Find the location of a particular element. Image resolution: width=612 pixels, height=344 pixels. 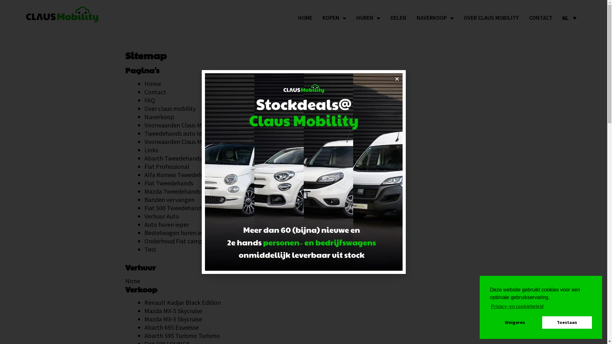

'Mazda Tweedehands' is located at coordinates (143, 191).